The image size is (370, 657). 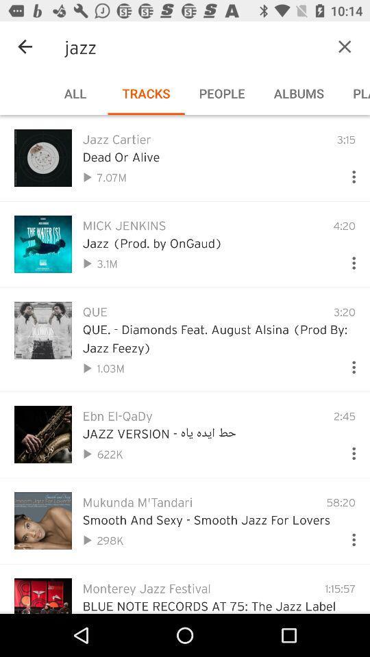 What do you see at coordinates (348, 450) in the screenshot?
I see `more information and options` at bounding box center [348, 450].